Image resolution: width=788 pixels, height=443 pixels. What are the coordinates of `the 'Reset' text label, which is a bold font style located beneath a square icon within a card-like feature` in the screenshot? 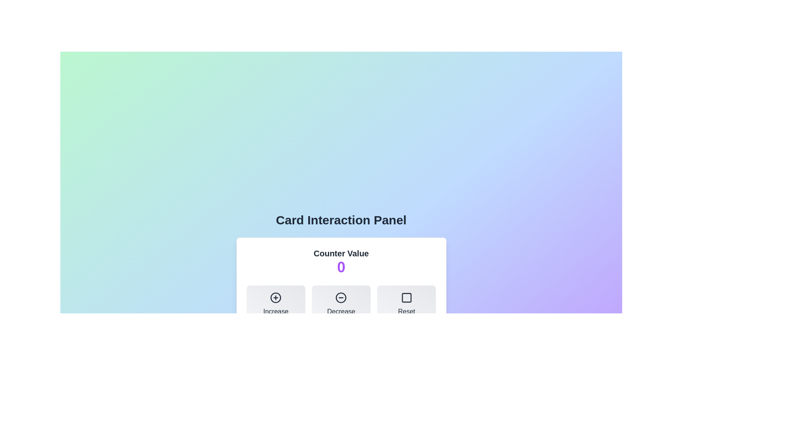 It's located at (406, 311).